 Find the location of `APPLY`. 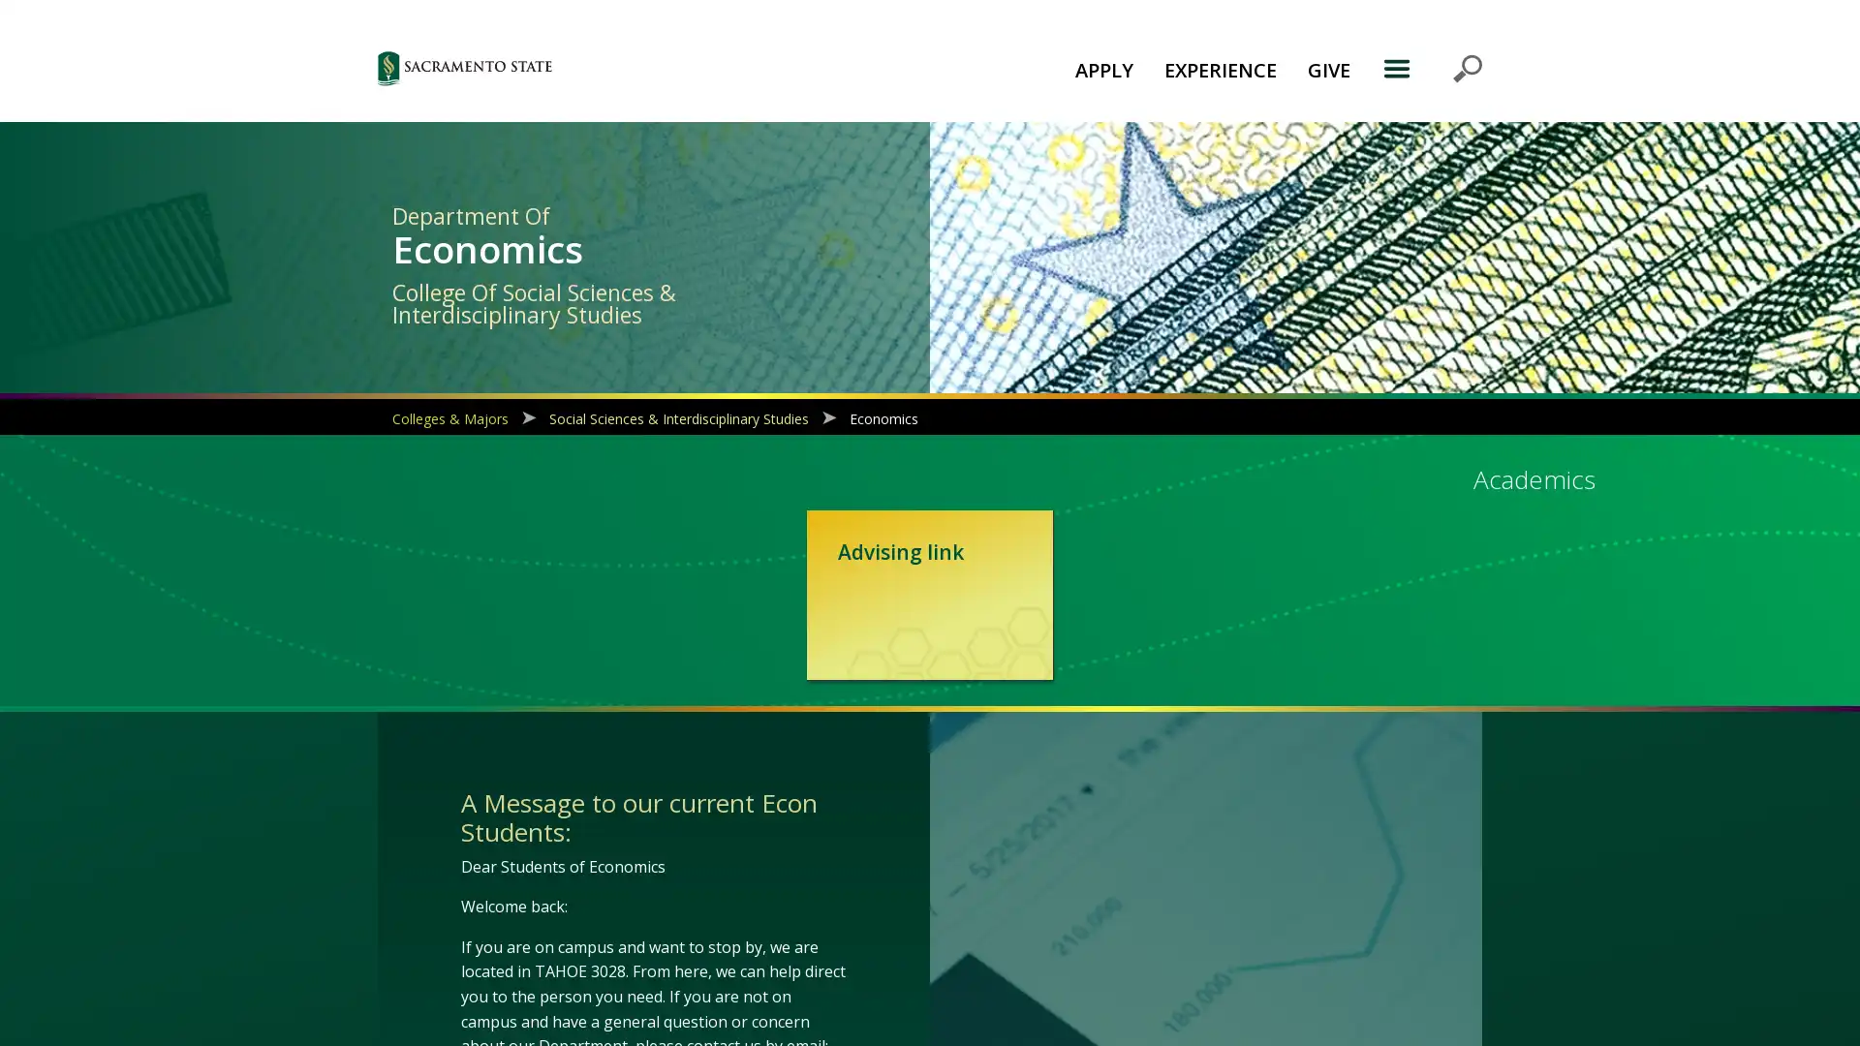

APPLY is located at coordinates (1104, 67).